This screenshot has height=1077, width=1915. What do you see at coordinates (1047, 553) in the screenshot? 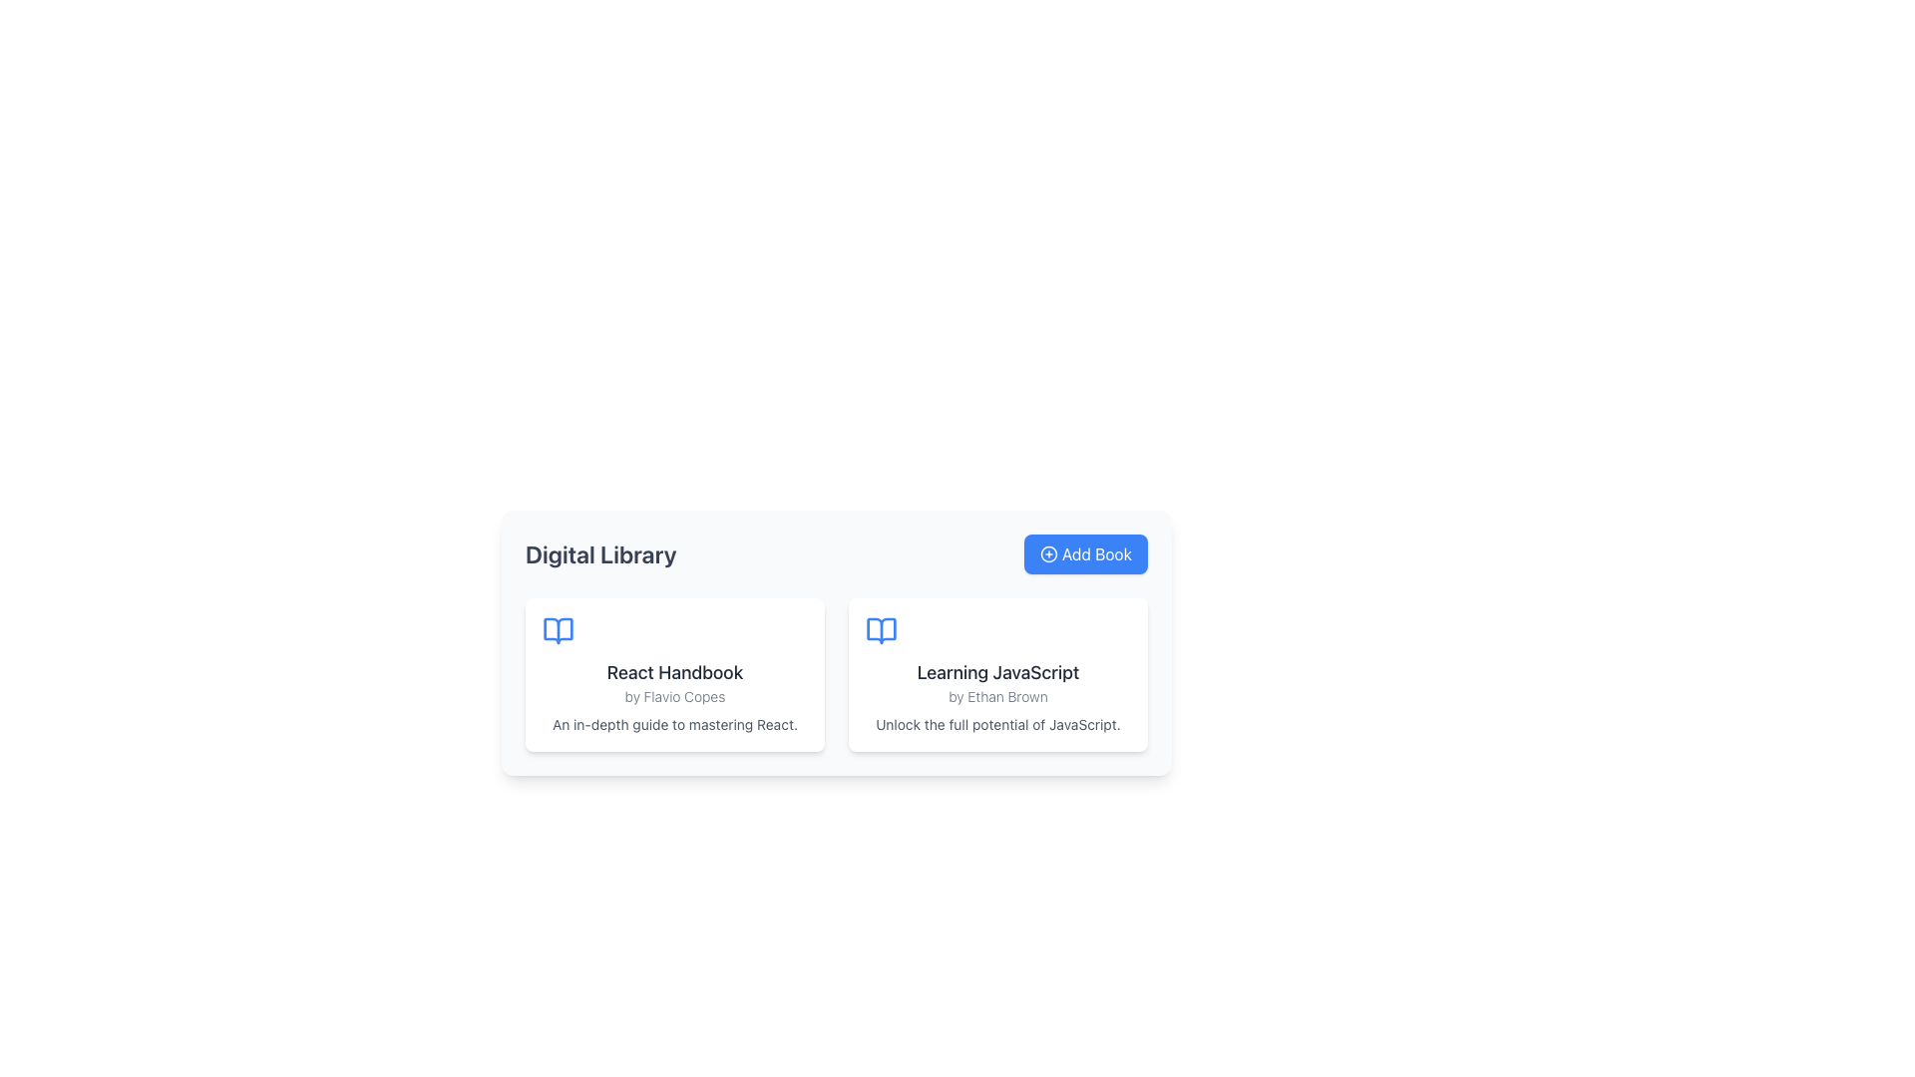
I see `the circular outline within the plus icon located at the top-right corner of the UI near the 'Add Book' button` at bounding box center [1047, 553].